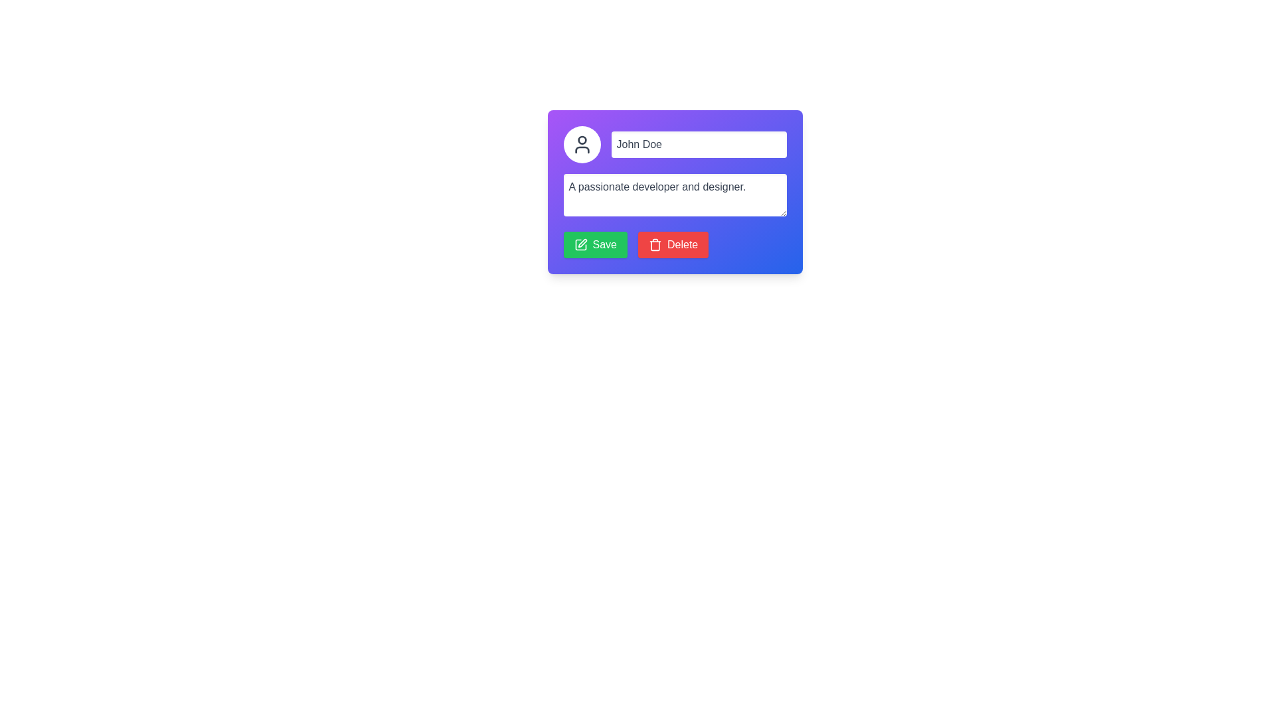  Describe the element at coordinates (580, 245) in the screenshot. I see `the 'Save' button, which is a green rectangular button containing a square-shaped icon styled with a border-like pattern` at that location.